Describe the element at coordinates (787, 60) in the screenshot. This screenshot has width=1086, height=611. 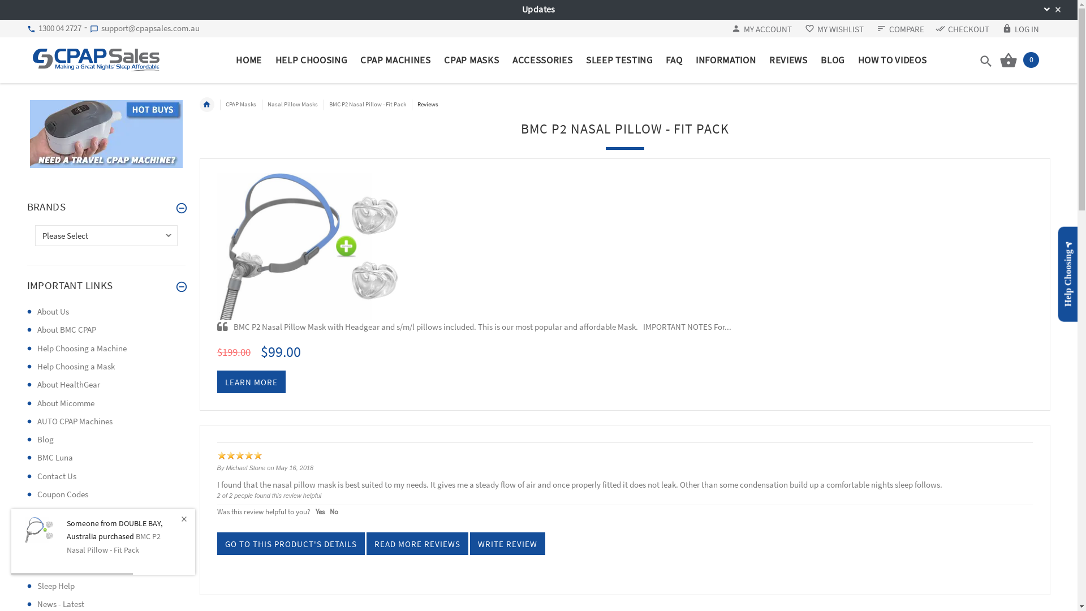
I see `'REVIEWS'` at that location.